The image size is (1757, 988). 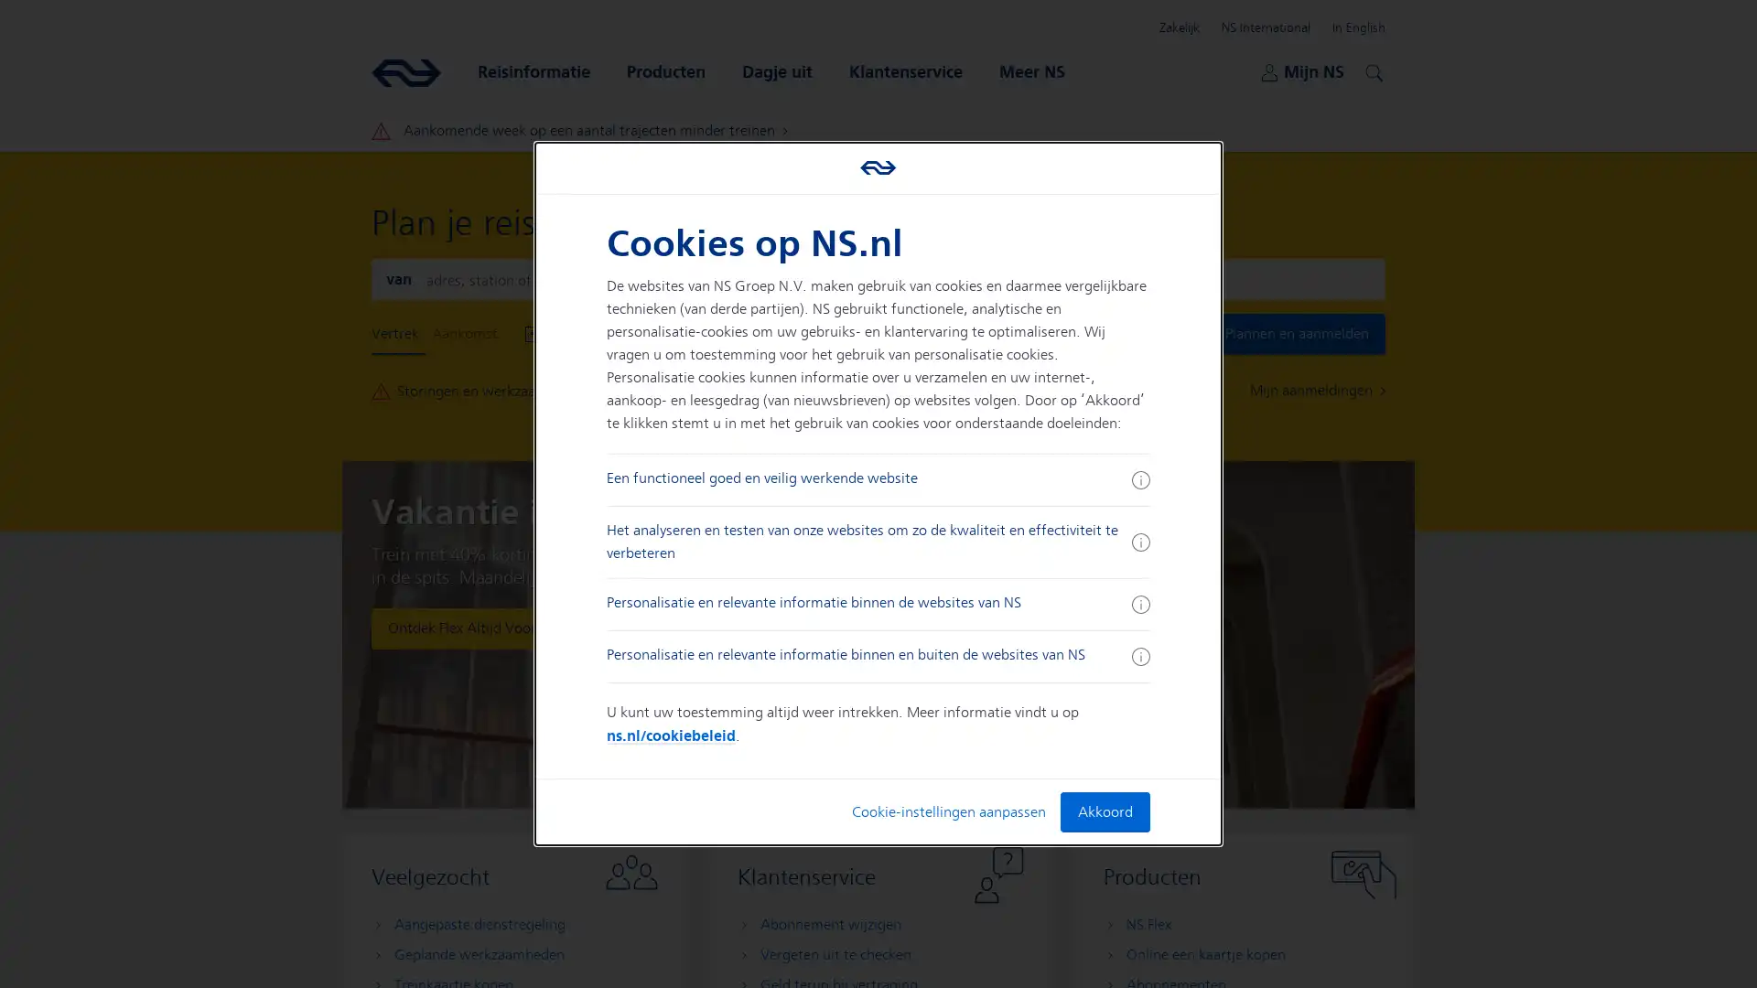 What do you see at coordinates (665, 70) in the screenshot?
I see `Producten Open submenu` at bounding box center [665, 70].